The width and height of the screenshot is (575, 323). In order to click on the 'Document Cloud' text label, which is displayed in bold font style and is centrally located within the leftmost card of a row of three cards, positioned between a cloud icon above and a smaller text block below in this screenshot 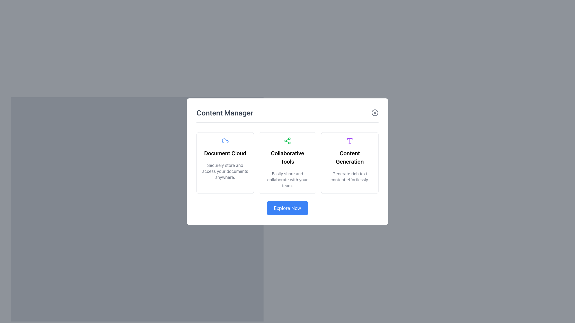, I will do `click(225, 153)`.